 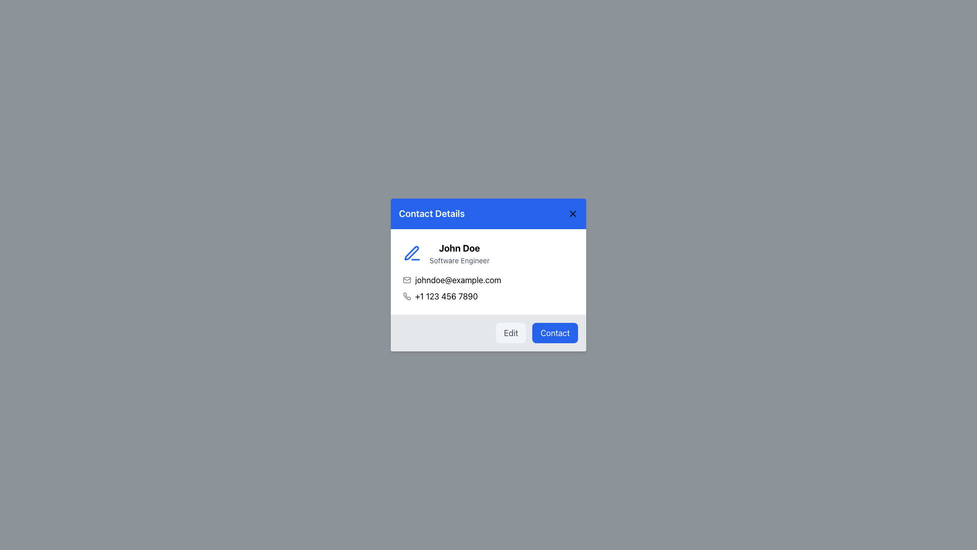 What do you see at coordinates (459, 253) in the screenshot?
I see `text displayed in the multi-line Text display element that contains the name and title of the contact person, located centrally within the modal dialog, right of the pencil icon and above the email and phone number details` at bounding box center [459, 253].